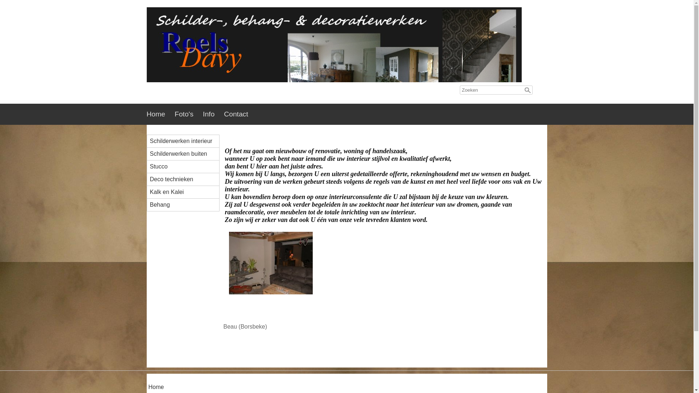 The height and width of the screenshot is (393, 699). Describe the element at coordinates (186, 167) in the screenshot. I see `'Stucco'` at that location.